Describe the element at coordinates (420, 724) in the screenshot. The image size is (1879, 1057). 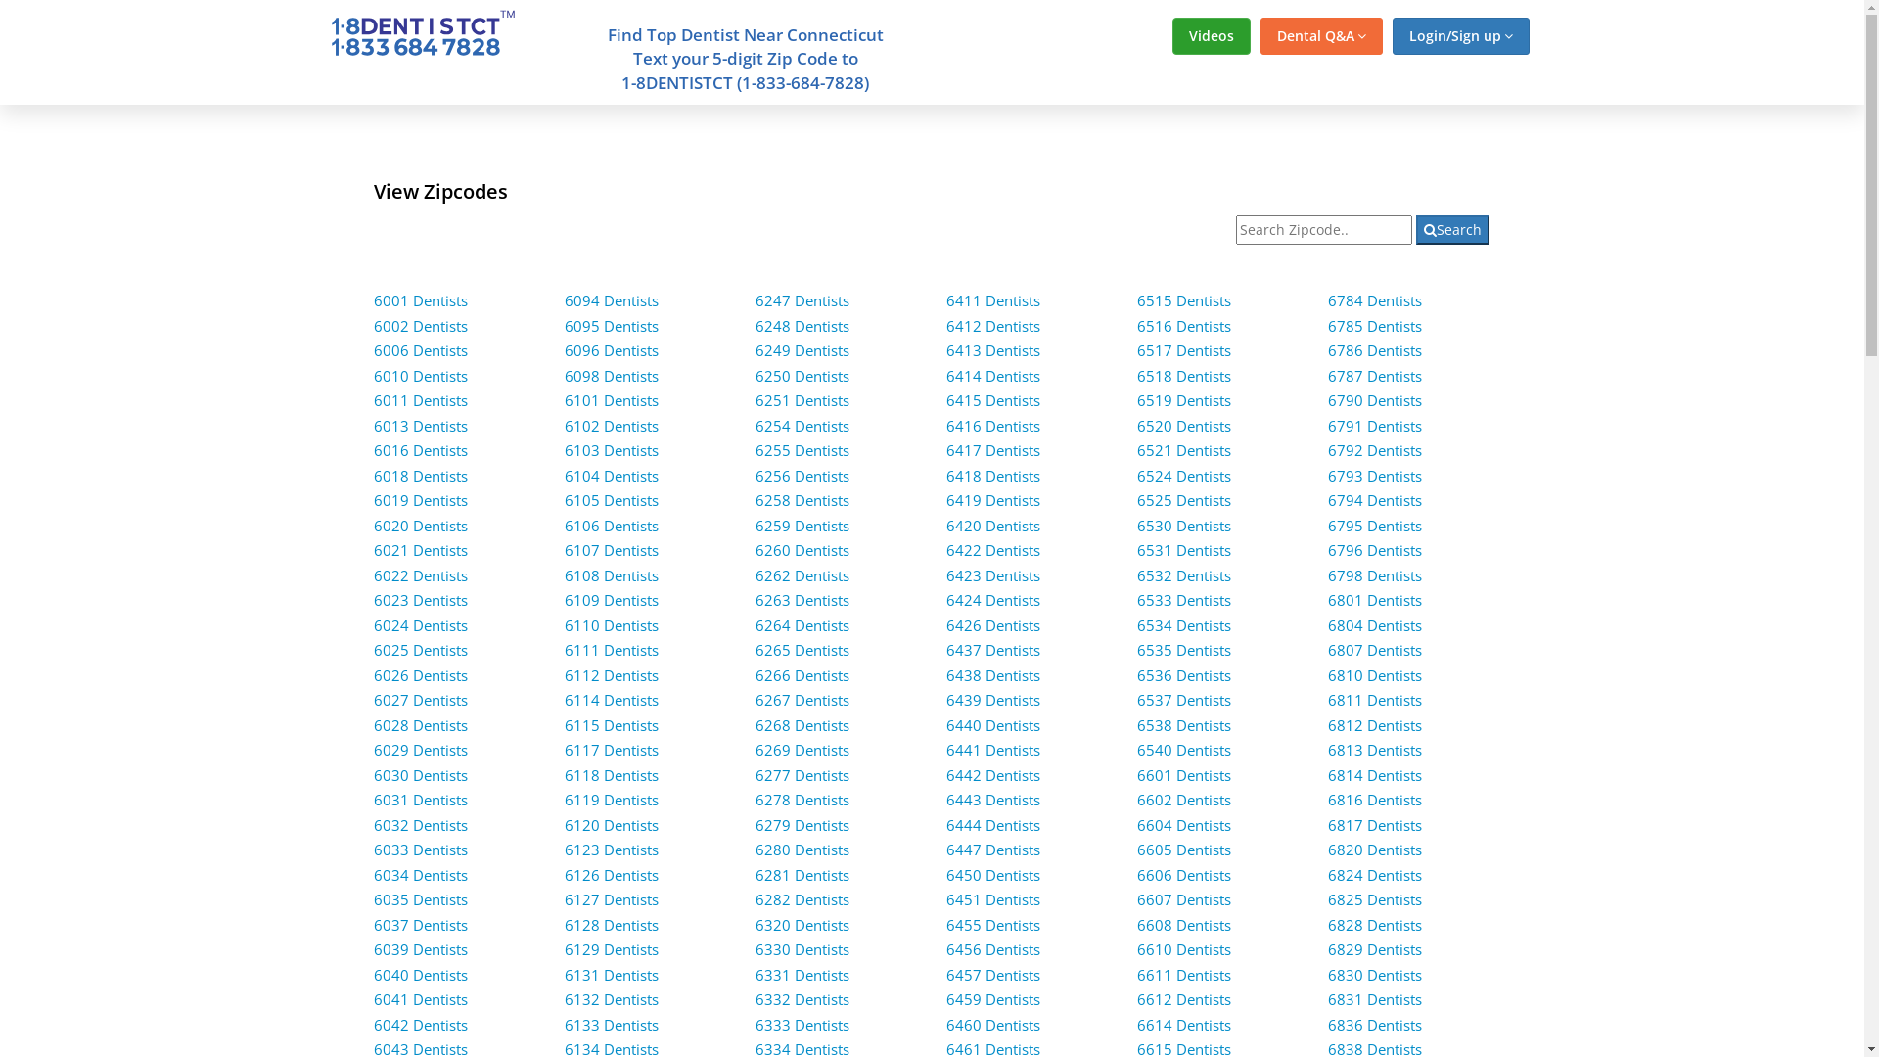
I see `'6028 Dentists'` at that location.